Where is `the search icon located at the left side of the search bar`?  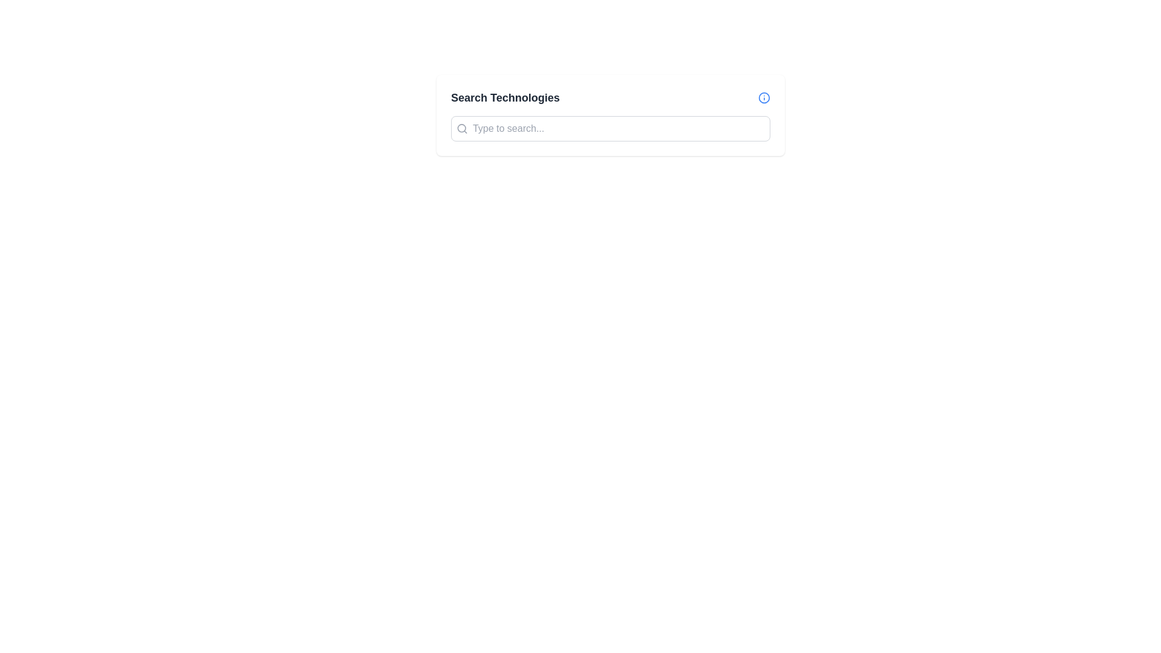 the search icon located at the left side of the search bar is located at coordinates (461, 128).